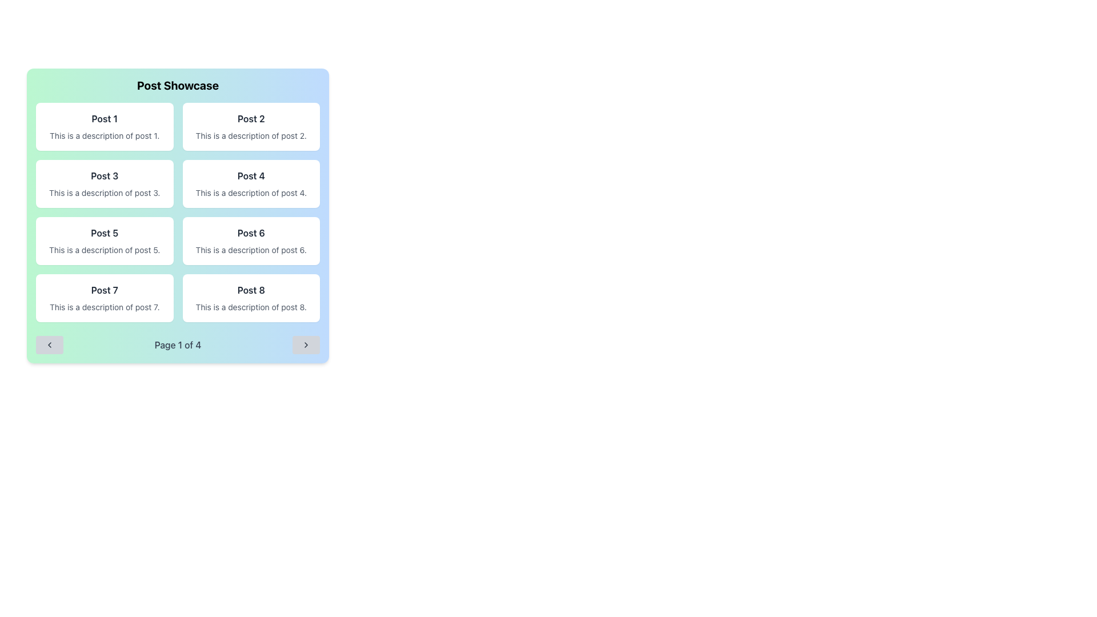 The image size is (1097, 617). I want to click on and interpret the text from the 'Post 1' label, which is styled in bold with dark gray color and is located at the top of the 'Post Showcase' card, so click(105, 119).